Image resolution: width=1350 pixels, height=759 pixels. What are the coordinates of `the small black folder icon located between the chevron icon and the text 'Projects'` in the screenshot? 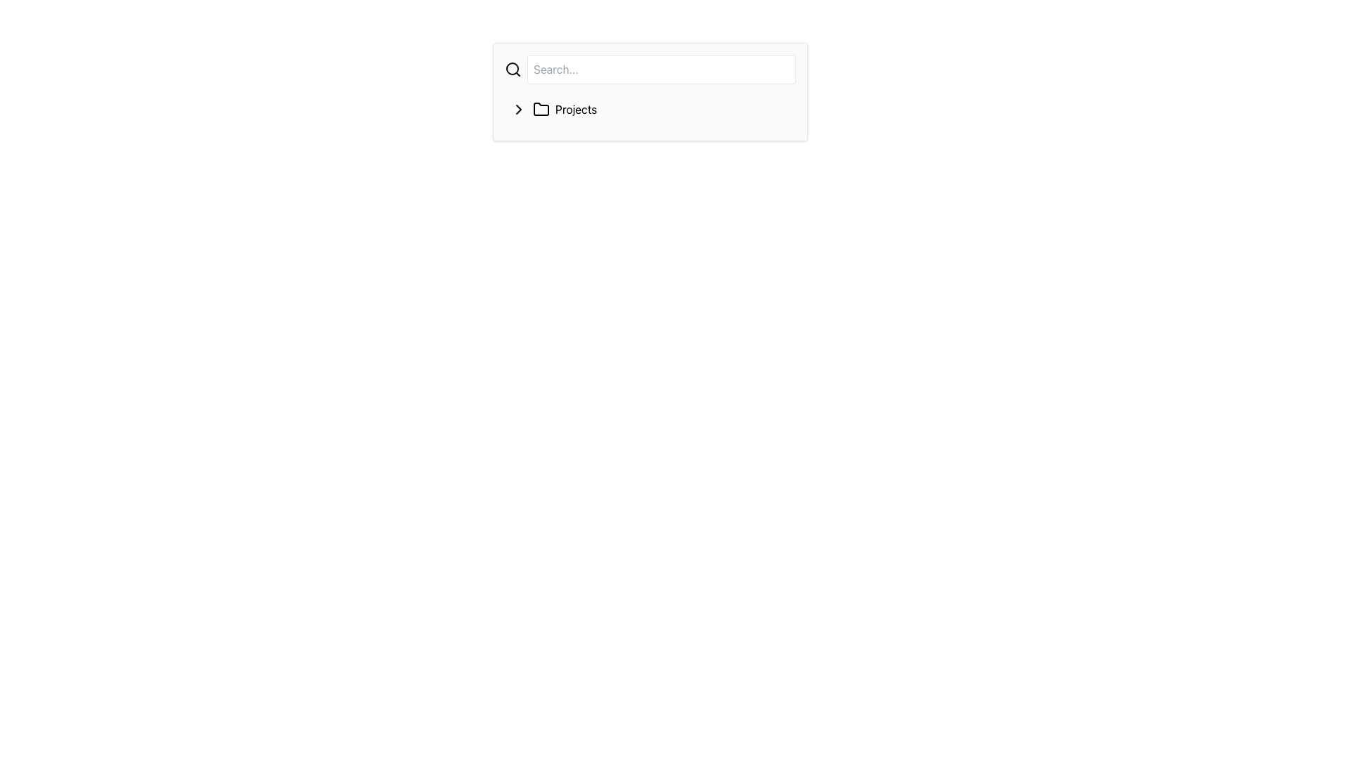 It's located at (540, 108).